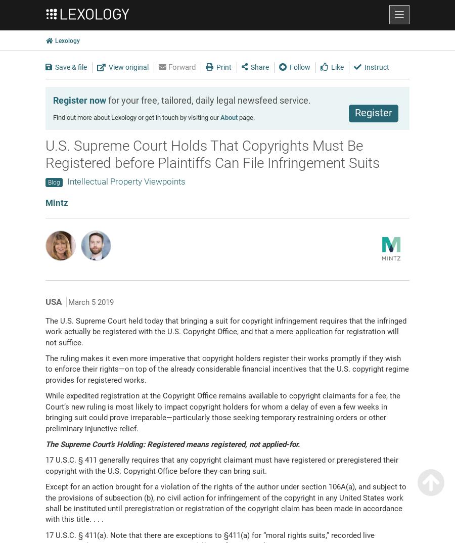 This screenshot has height=543, width=455. What do you see at coordinates (299, 443) in the screenshot?
I see `'.'` at bounding box center [299, 443].